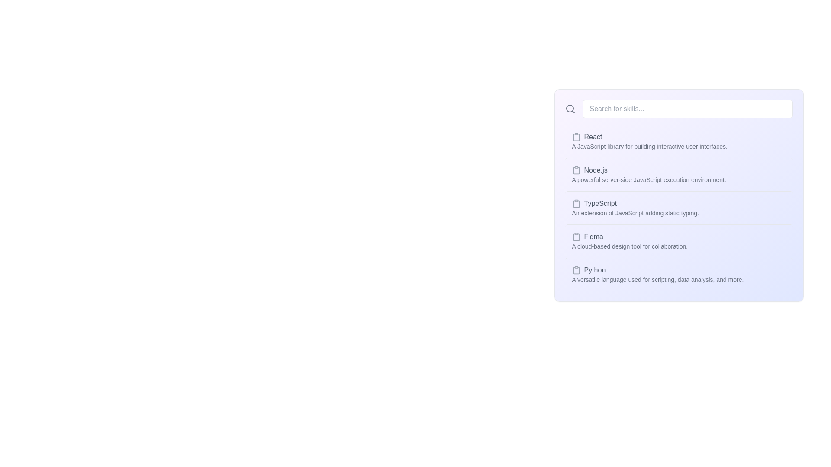 The height and width of the screenshot is (467, 831). What do you see at coordinates (576, 136) in the screenshot?
I see `the clipboard icon located to the immediate left of the text 'React' in the vertical list` at bounding box center [576, 136].